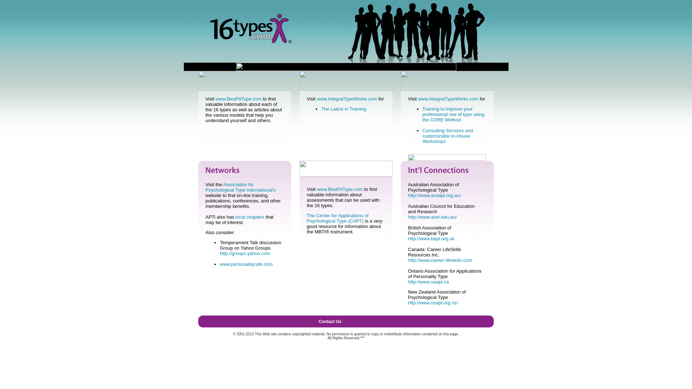 The image size is (692, 389). What do you see at coordinates (329, 321) in the screenshot?
I see `'Contact Us'` at bounding box center [329, 321].